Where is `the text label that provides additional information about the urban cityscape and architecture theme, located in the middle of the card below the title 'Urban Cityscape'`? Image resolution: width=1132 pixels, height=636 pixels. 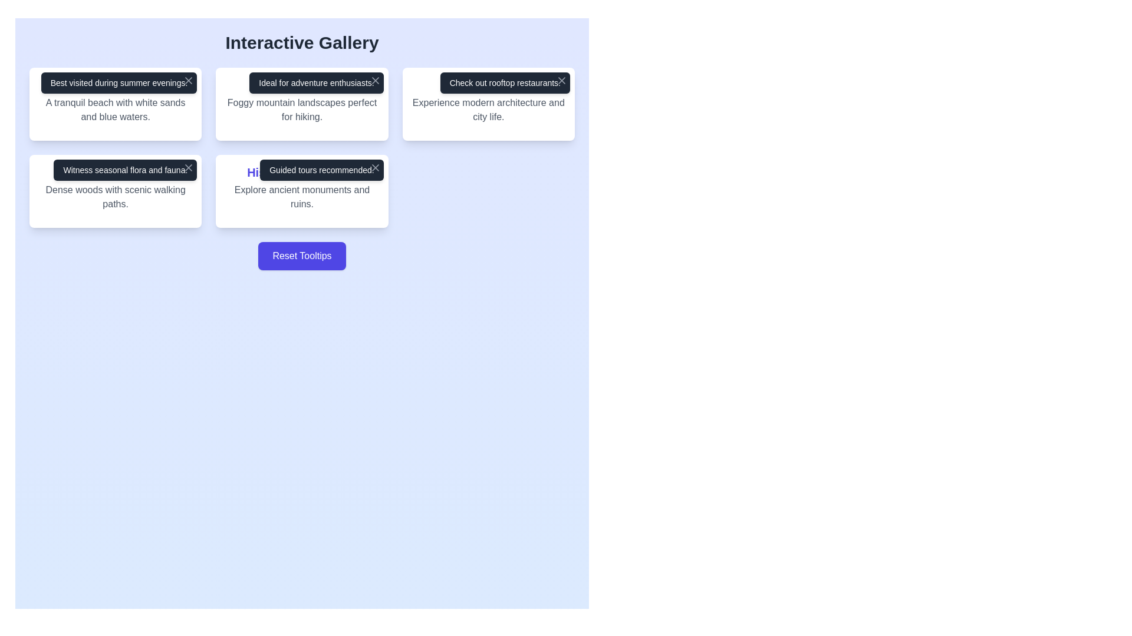
the text label that provides additional information about the urban cityscape and architecture theme, located in the middle of the card below the title 'Urban Cityscape' is located at coordinates (488, 110).